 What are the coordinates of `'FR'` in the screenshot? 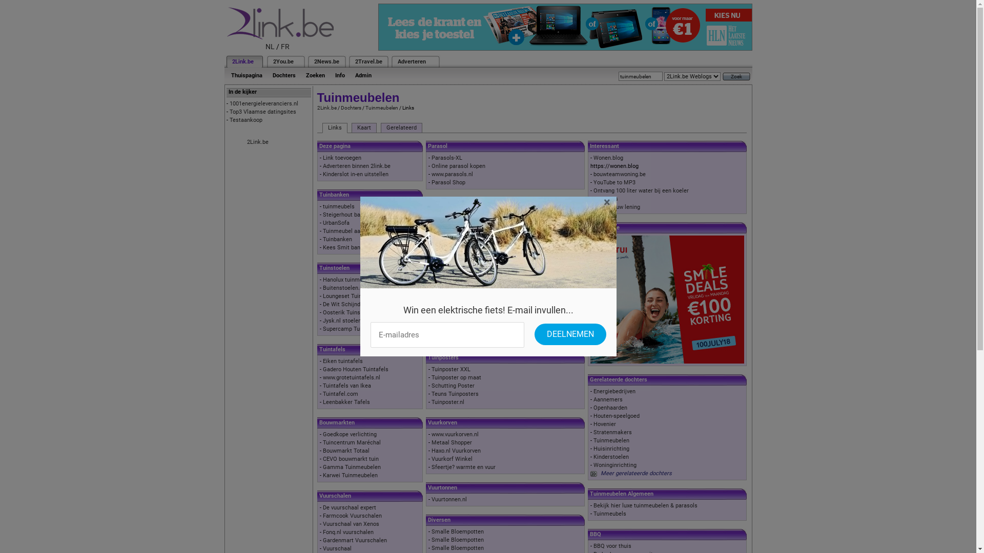 It's located at (285, 47).